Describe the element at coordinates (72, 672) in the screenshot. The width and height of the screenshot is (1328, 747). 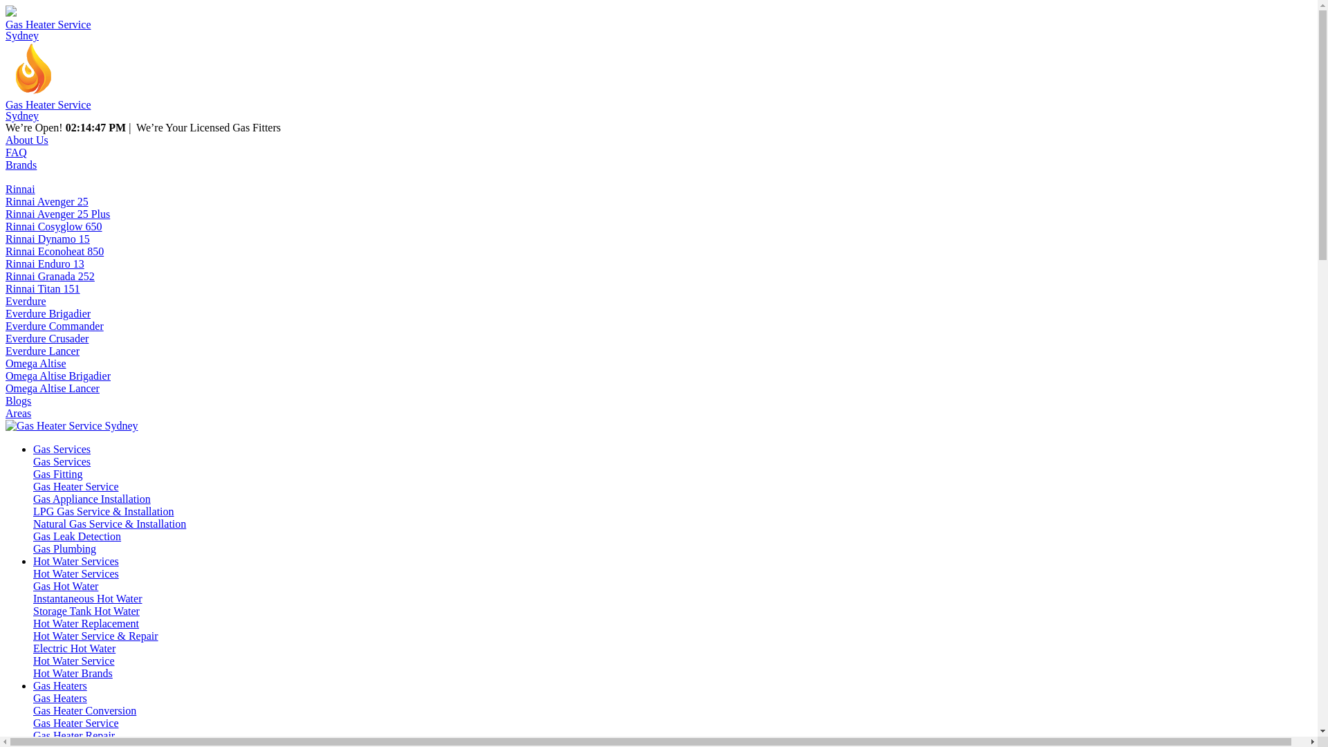
I see `'Hot Water Brands'` at that location.